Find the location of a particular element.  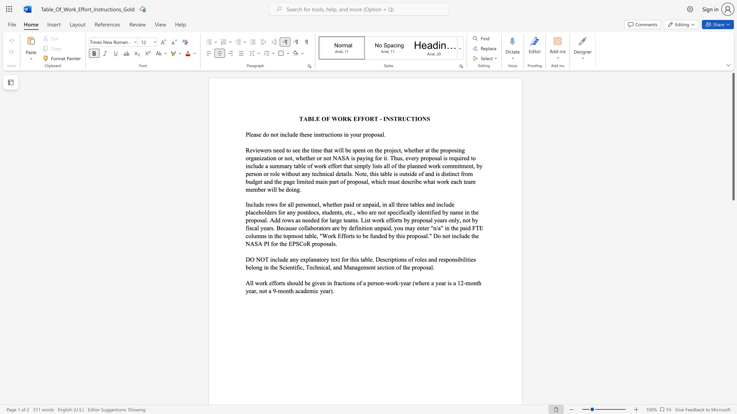

the scrollbar to slide the page down is located at coordinates (733, 284).